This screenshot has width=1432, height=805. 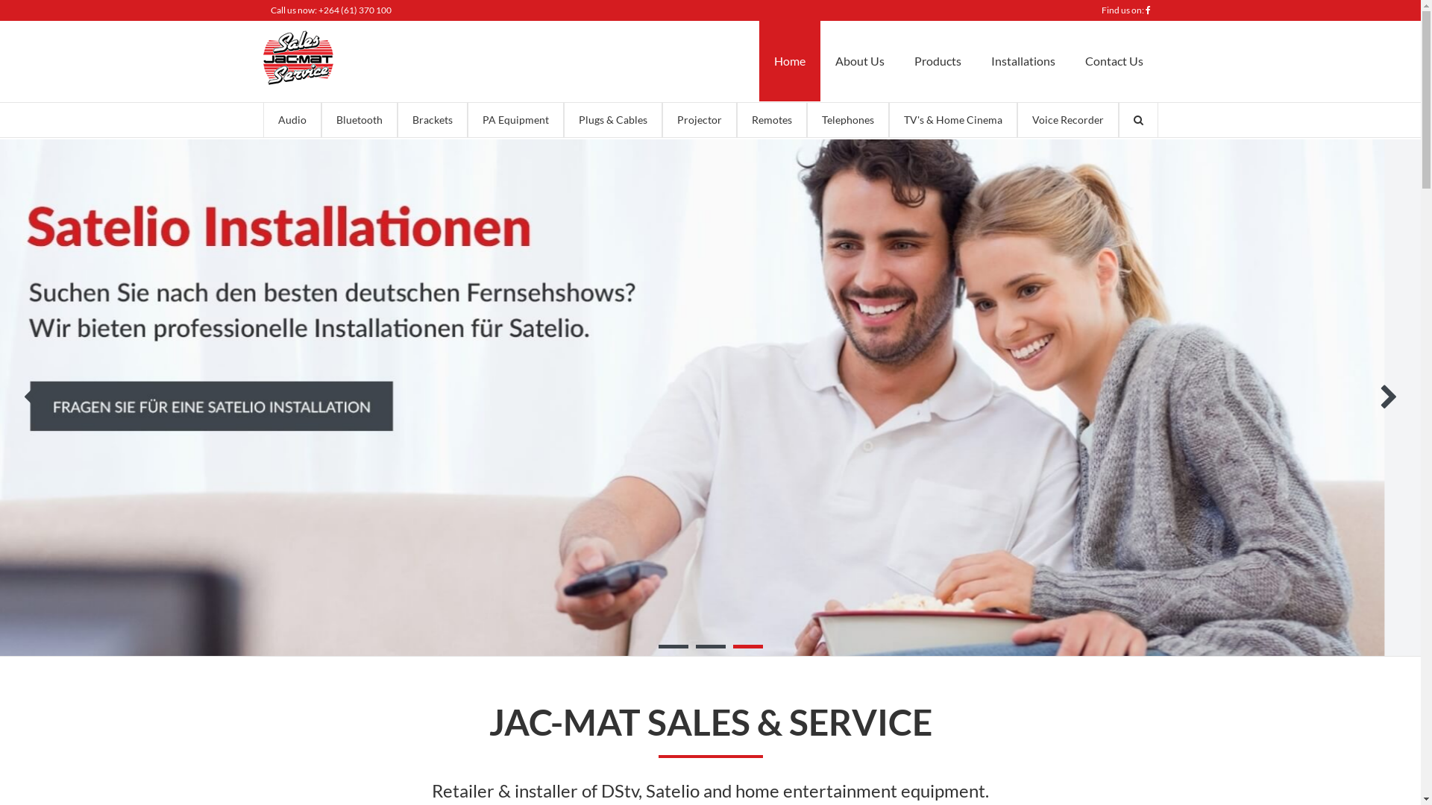 What do you see at coordinates (859, 60) in the screenshot?
I see `'About Us'` at bounding box center [859, 60].